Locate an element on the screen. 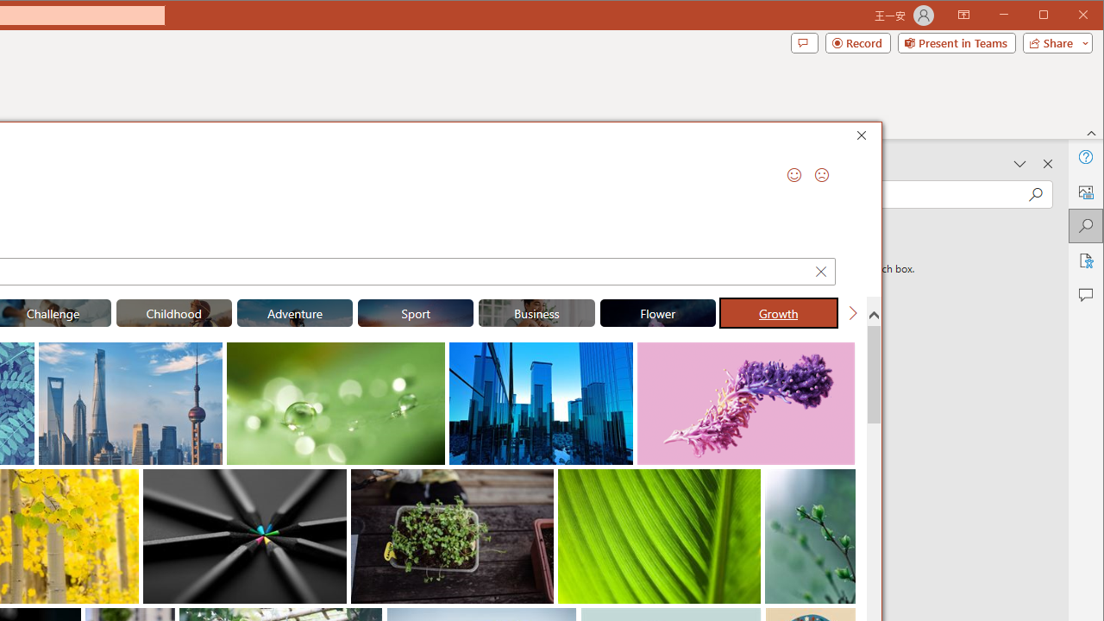 The image size is (1104, 621). 'Send a Smile' is located at coordinates (793, 175).